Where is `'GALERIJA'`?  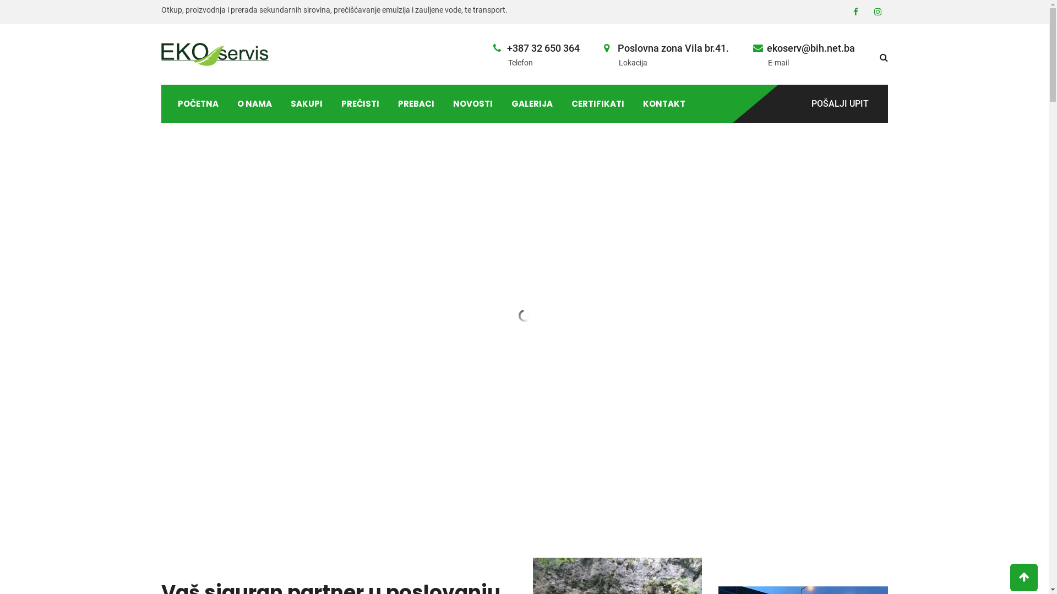 'GALERIJA' is located at coordinates (502, 104).